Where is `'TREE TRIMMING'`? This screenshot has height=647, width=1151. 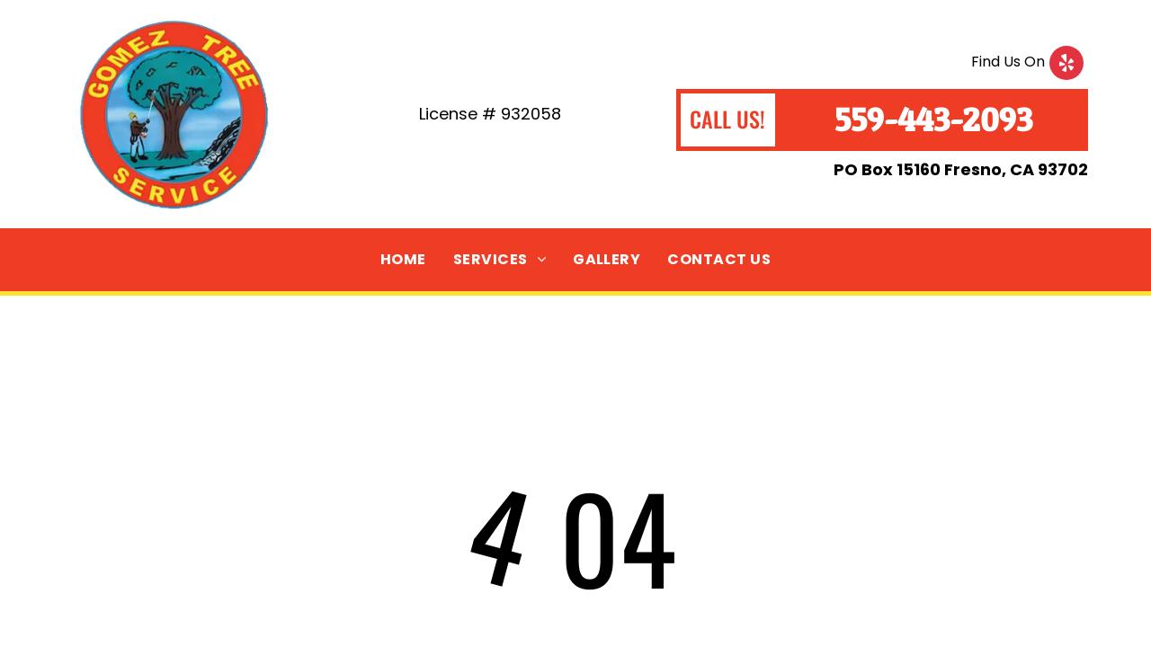
'TREE TRIMMING' is located at coordinates (522, 288).